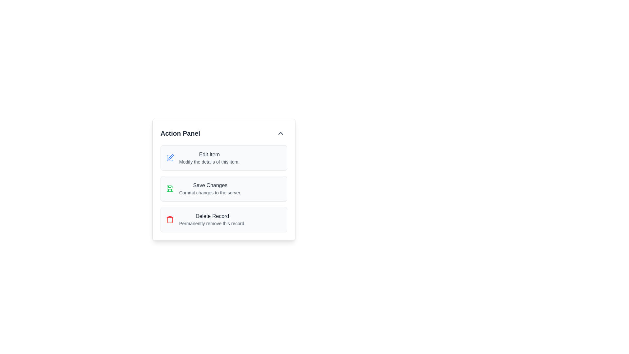 Image resolution: width=629 pixels, height=354 pixels. I want to click on the informational block titled 'Delete Record', which includes a subtitle 'Permanently remove this record.' and is styled with a light gray background and rounded border, to activate hover effects, so click(212, 220).